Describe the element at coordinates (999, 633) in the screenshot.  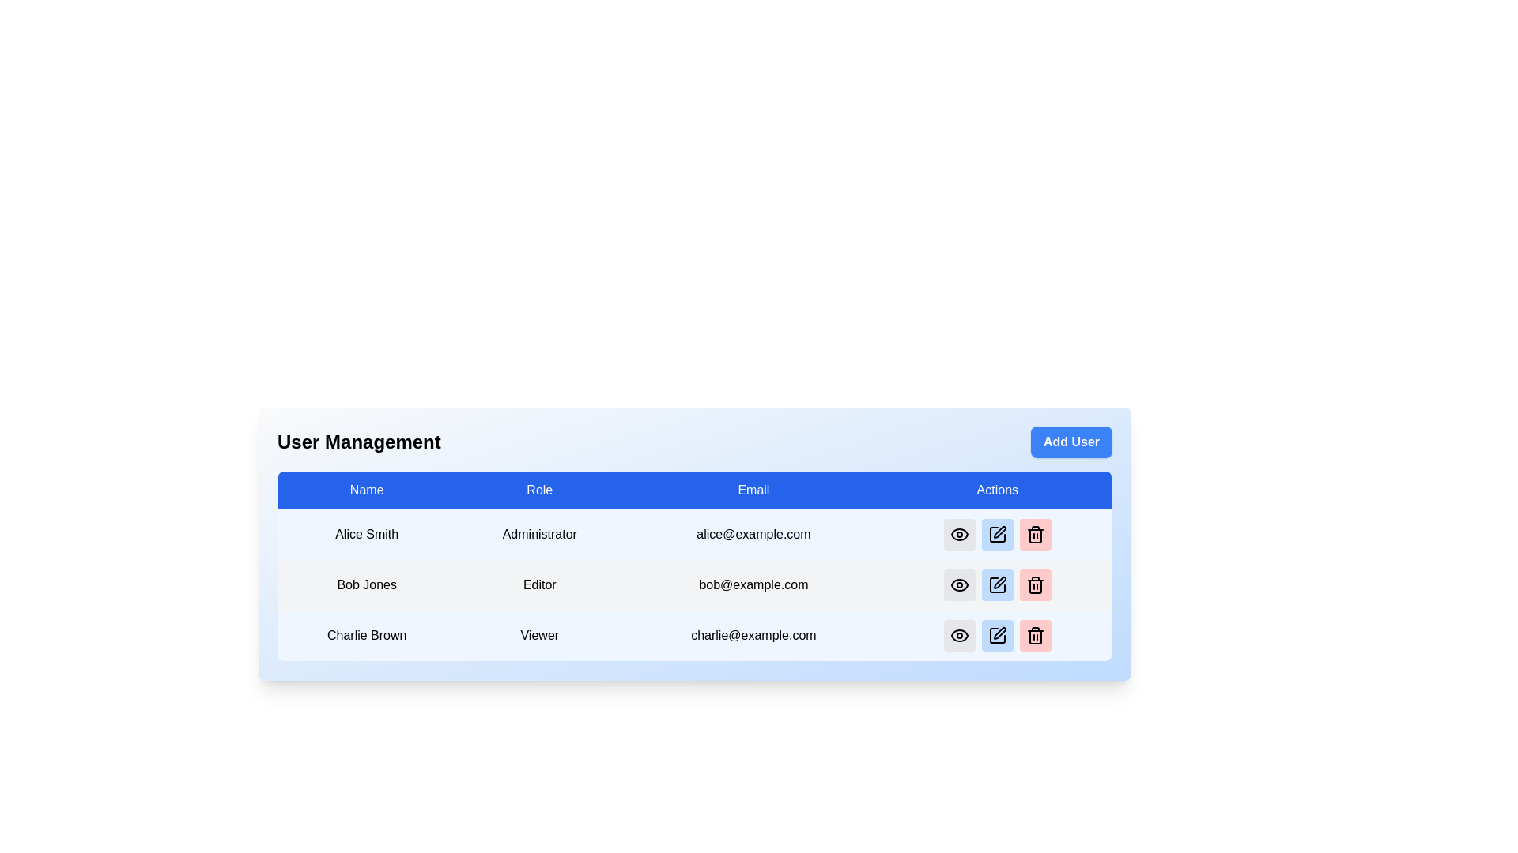
I see `the edit icon in the 'Actions' column of the third row associated with 'Charlie Brown, Viewer'` at that location.